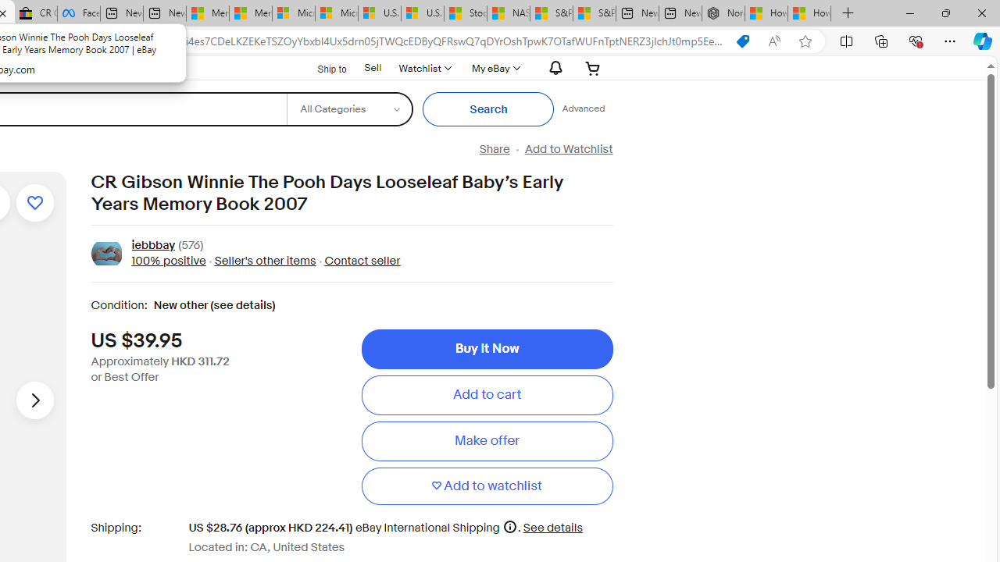 The image size is (1000, 562). Describe the element at coordinates (265, 260) in the screenshot. I see `'Seller'` at that location.